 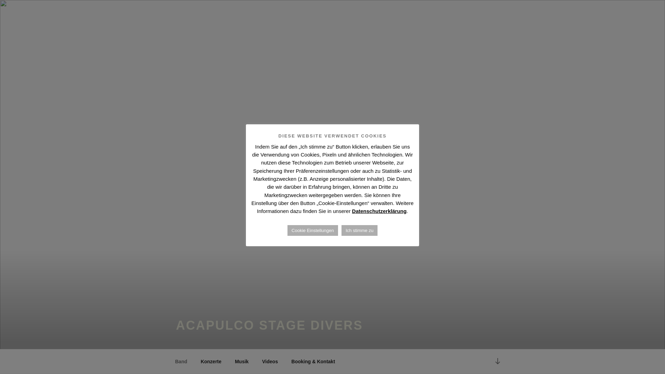 What do you see at coordinates (497, 361) in the screenshot?
I see `'Zum Inhalt nach unten scrollen'` at bounding box center [497, 361].